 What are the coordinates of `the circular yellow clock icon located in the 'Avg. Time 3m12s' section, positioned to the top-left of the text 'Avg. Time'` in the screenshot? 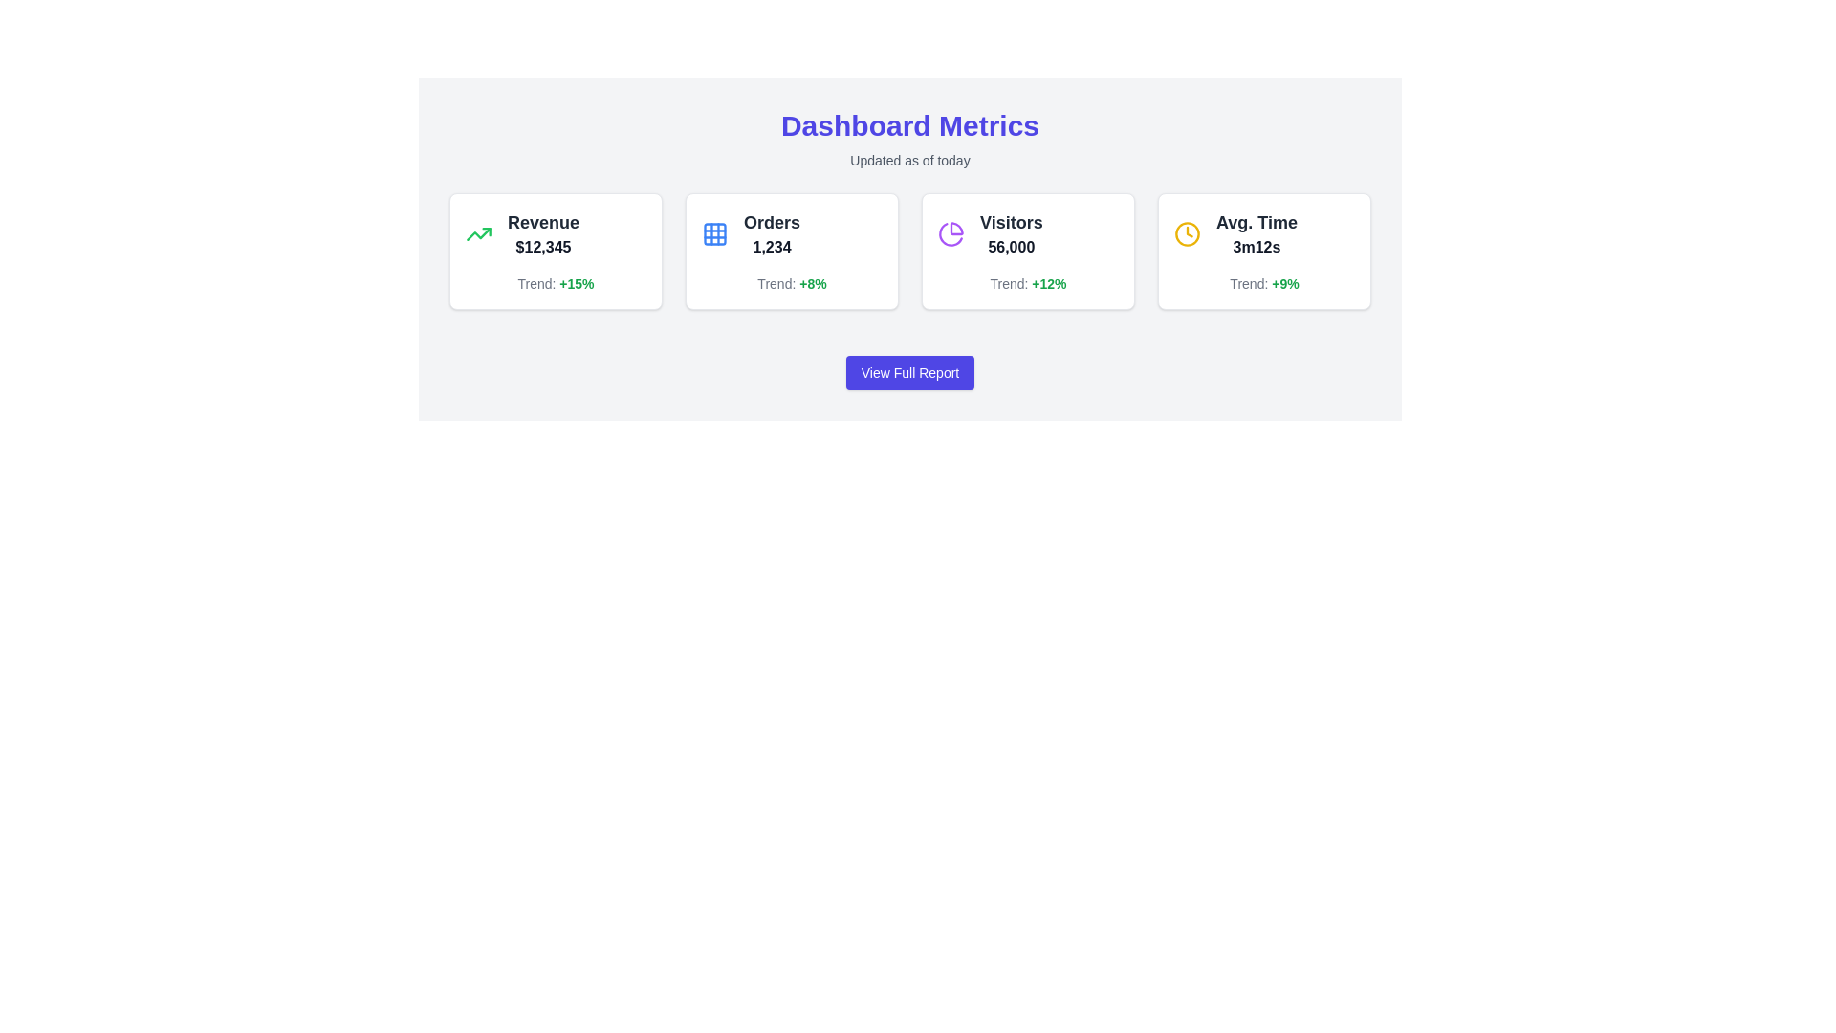 It's located at (1187, 233).